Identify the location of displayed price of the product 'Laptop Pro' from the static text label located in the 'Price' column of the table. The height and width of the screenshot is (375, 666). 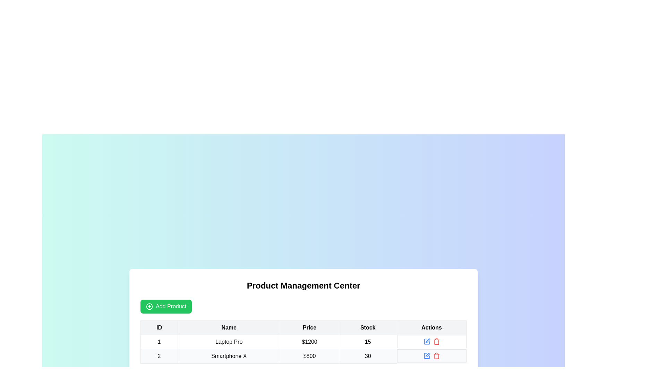
(309, 341).